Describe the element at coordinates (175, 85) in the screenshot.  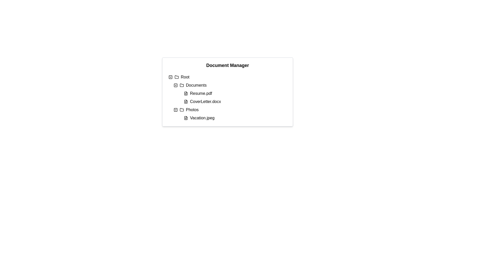
I see `the Expandable Icon located to the left of the 'Documents' text` at that location.